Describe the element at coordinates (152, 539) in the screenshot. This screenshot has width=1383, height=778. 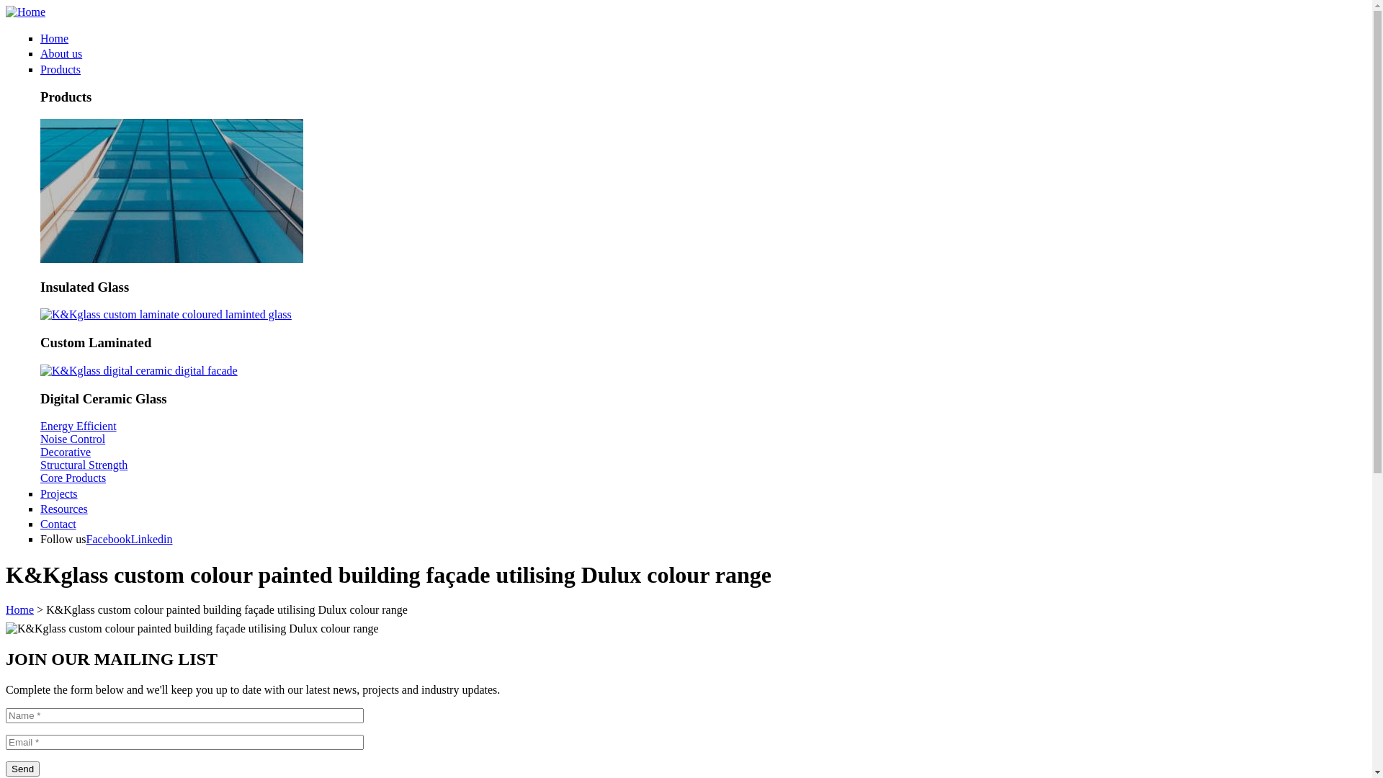
I see `'Linkedin'` at that location.